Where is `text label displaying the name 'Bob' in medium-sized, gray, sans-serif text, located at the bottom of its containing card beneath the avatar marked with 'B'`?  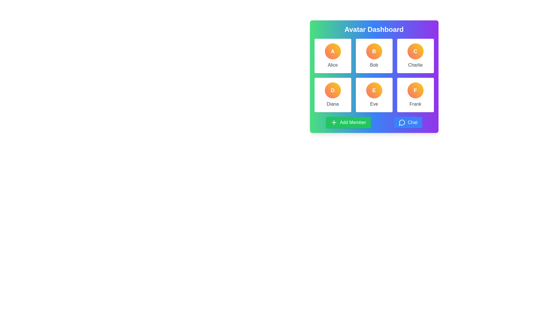 text label displaying the name 'Bob' in medium-sized, gray, sans-serif text, located at the bottom of its containing card beneath the avatar marked with 'B' is located at coordinates (374, 65).